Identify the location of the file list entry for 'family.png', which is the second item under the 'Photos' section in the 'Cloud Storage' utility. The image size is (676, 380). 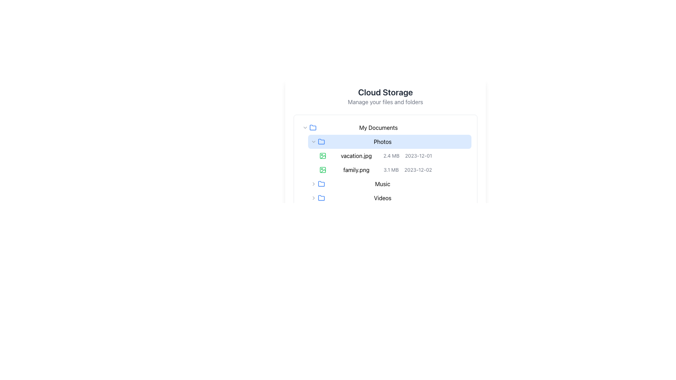
(385, 163).